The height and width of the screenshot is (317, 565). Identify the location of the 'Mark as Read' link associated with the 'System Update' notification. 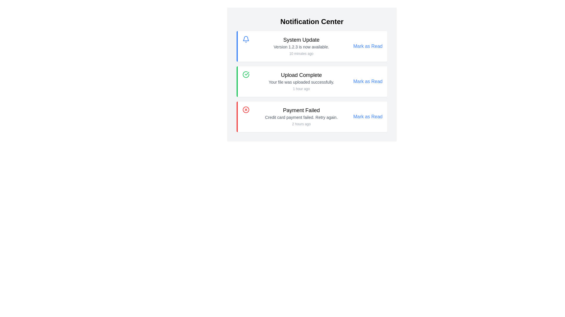
(368, 46).